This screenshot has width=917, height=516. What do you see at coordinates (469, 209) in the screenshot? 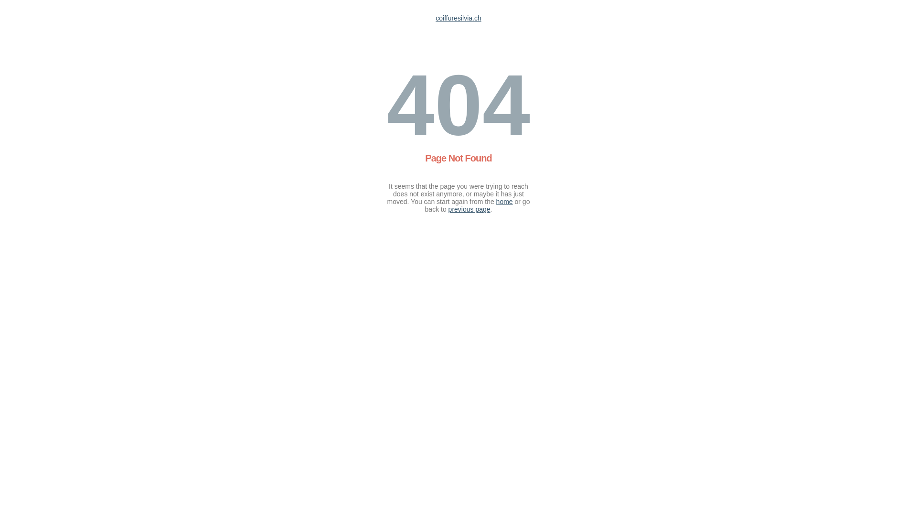
I see `'previous page'` at bounding box center [469, 209].